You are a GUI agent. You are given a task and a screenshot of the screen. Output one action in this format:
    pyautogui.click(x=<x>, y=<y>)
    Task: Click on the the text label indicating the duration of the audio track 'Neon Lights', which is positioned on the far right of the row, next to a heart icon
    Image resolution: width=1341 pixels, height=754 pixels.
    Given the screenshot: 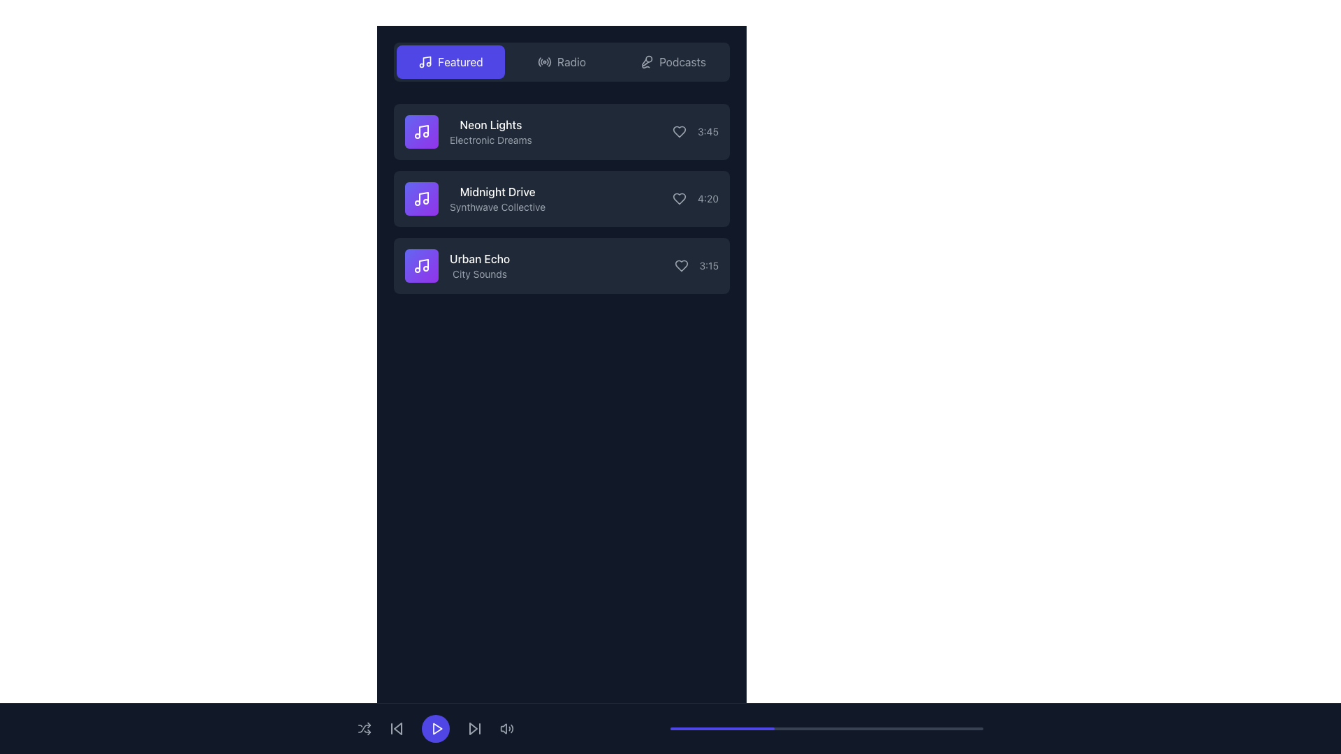 What is the action you would take?
    pyautogui.click(x=696, y=132)
    